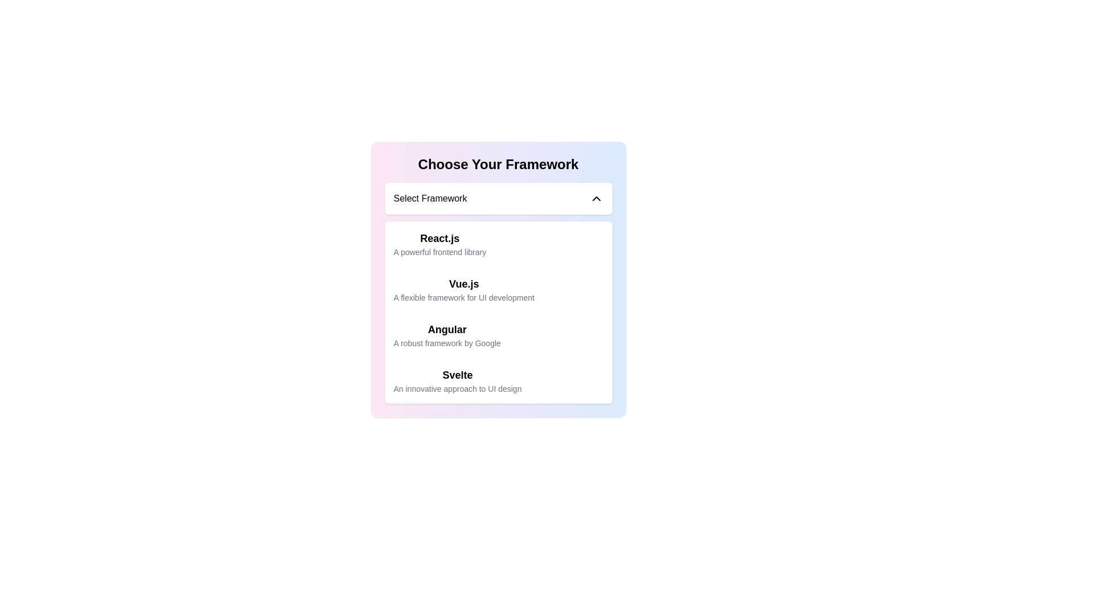 This screenshot has height=615, width=1093. I want to click on the 'Select Framework' label, which is a bold, black text element centered within a dropdown box, so click(429, 198).